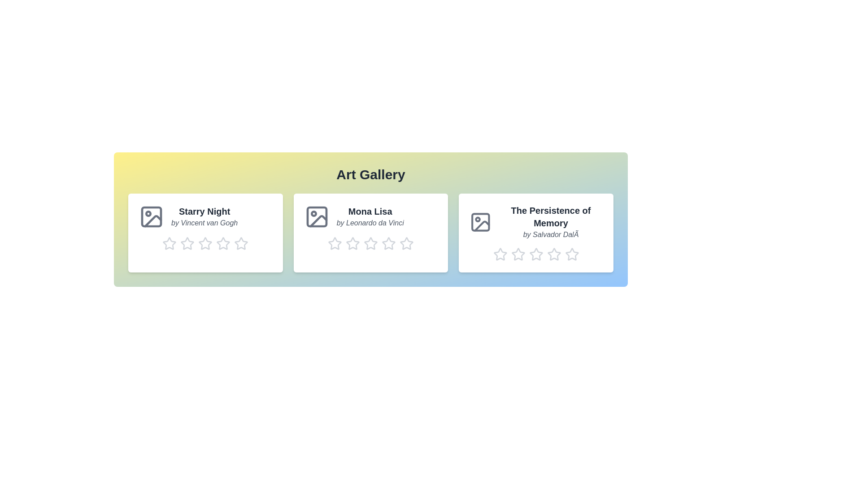 The image size is (861, 484). I want to click on the rating for the artwork 'Starry Night' to 1 stars, so click(170, 243).